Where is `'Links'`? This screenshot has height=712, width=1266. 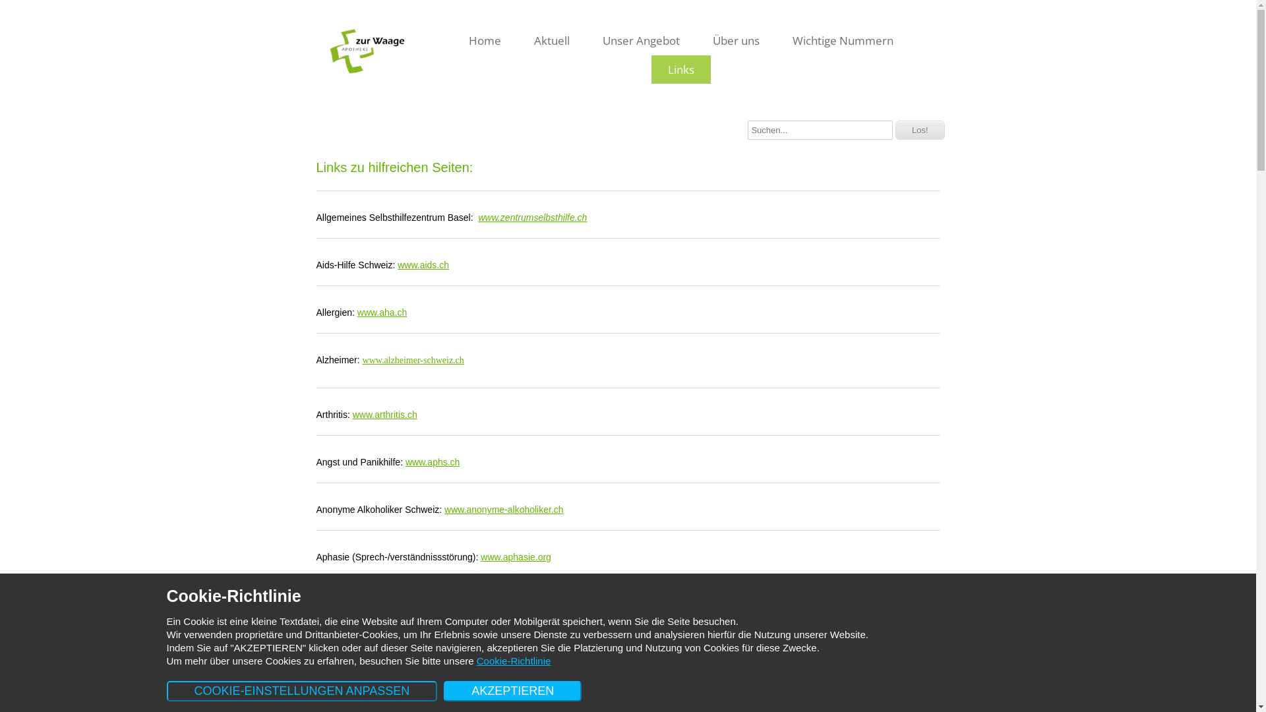
'Links' is located at coordinates (651, 69).